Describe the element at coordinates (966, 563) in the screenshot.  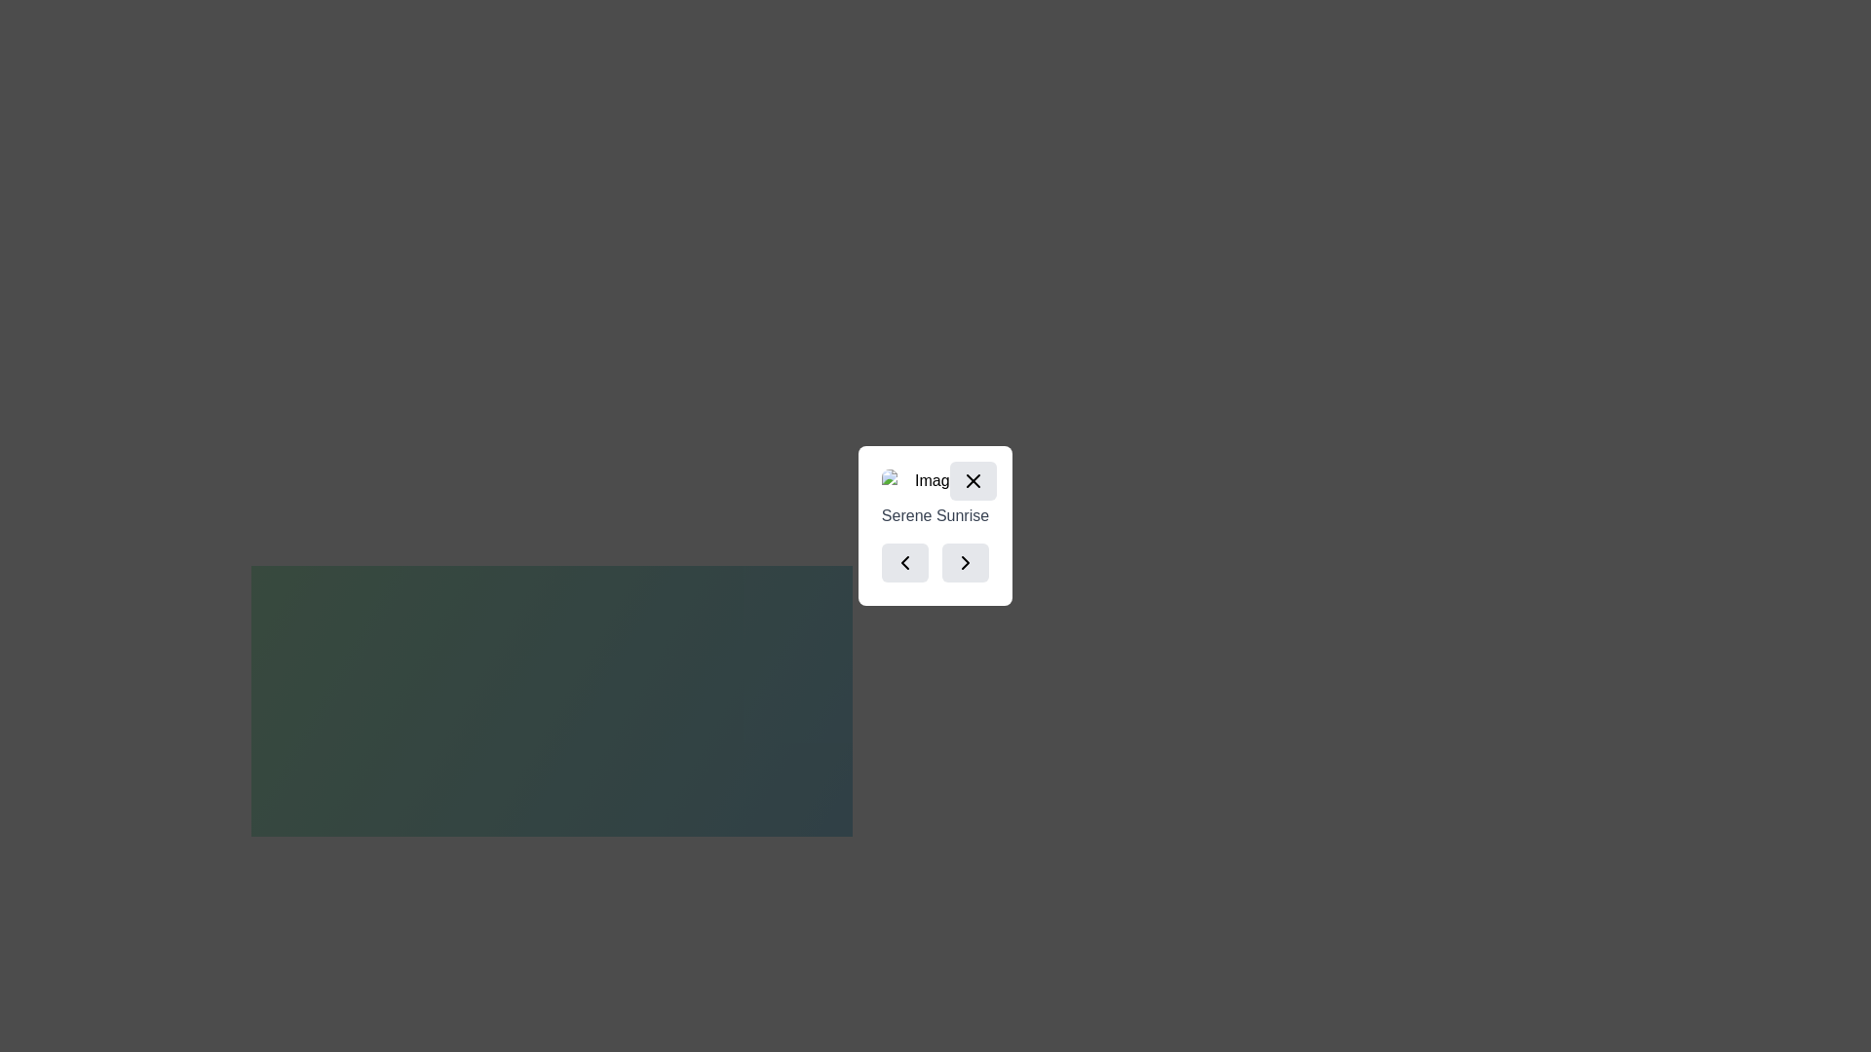
I see `the 'Next' navigation button located at the bottom right of the dialog box to advance to the subsequent item` at that location.